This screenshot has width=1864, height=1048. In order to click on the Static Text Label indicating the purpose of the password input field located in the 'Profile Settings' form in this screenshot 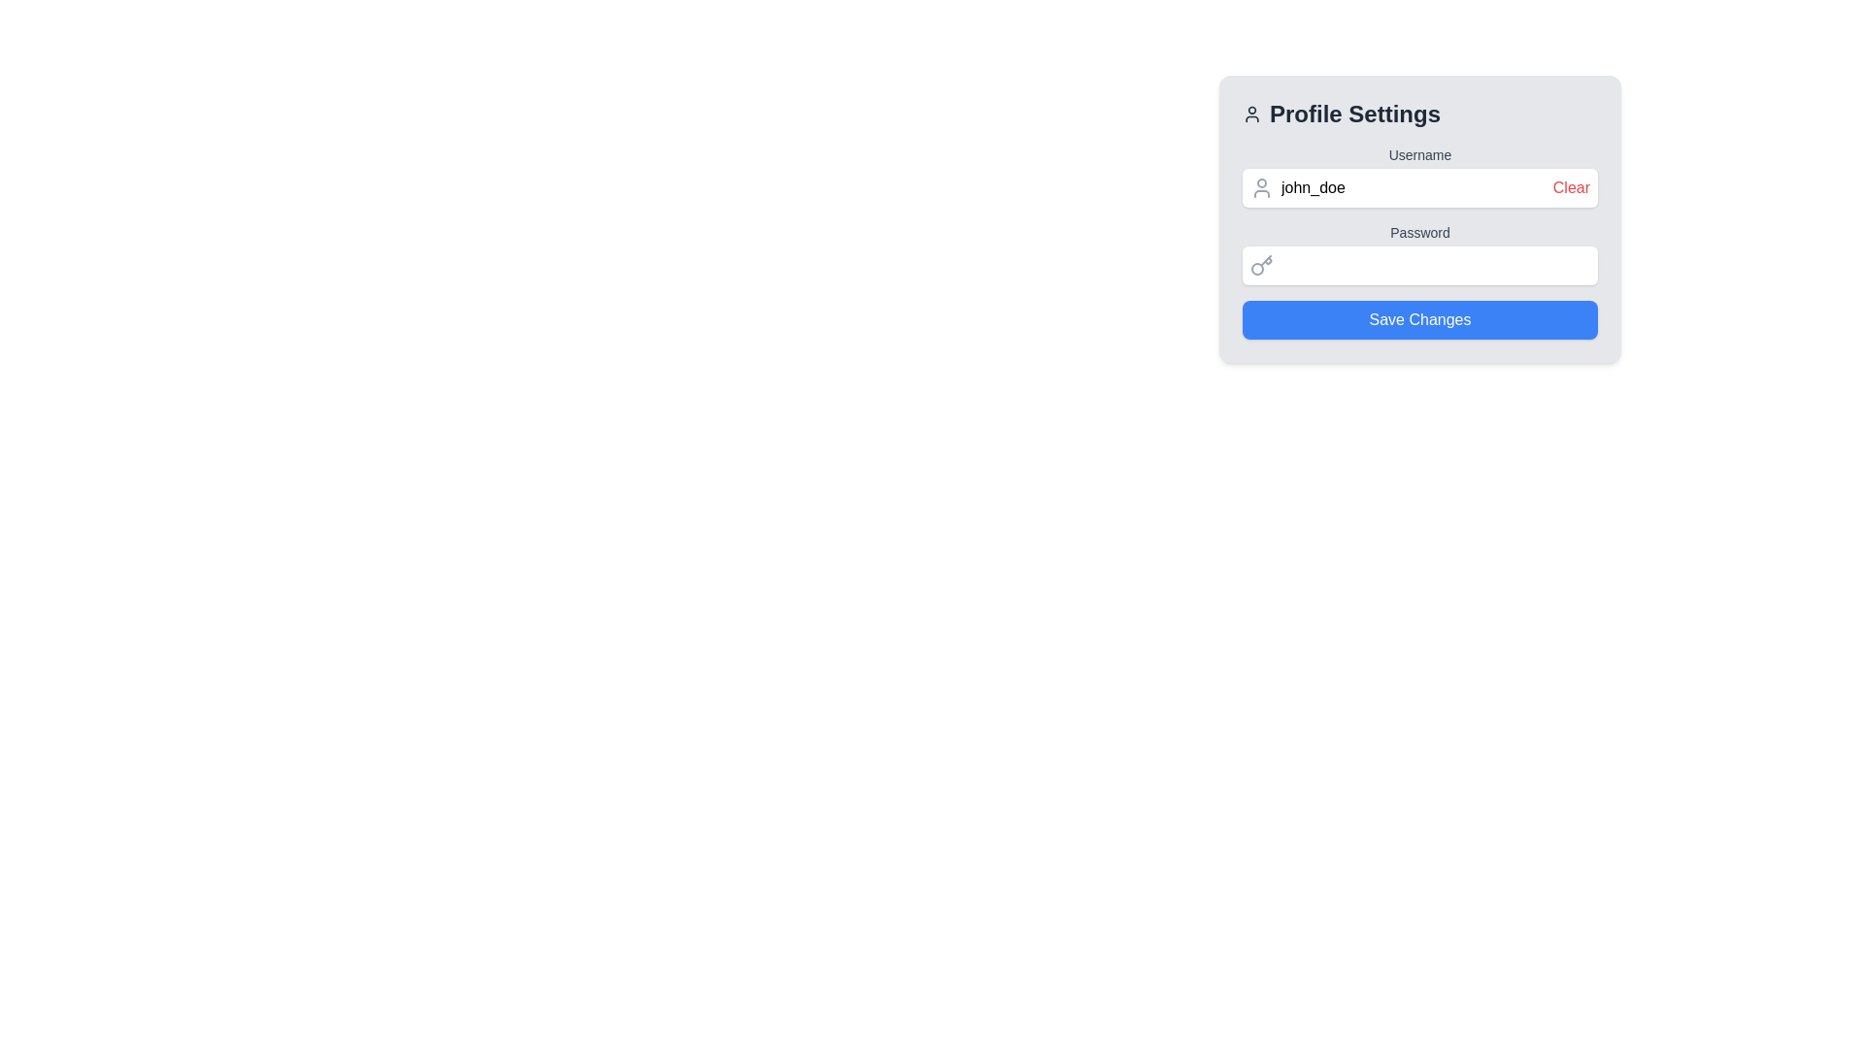, I will do `click(1420, 231)`.